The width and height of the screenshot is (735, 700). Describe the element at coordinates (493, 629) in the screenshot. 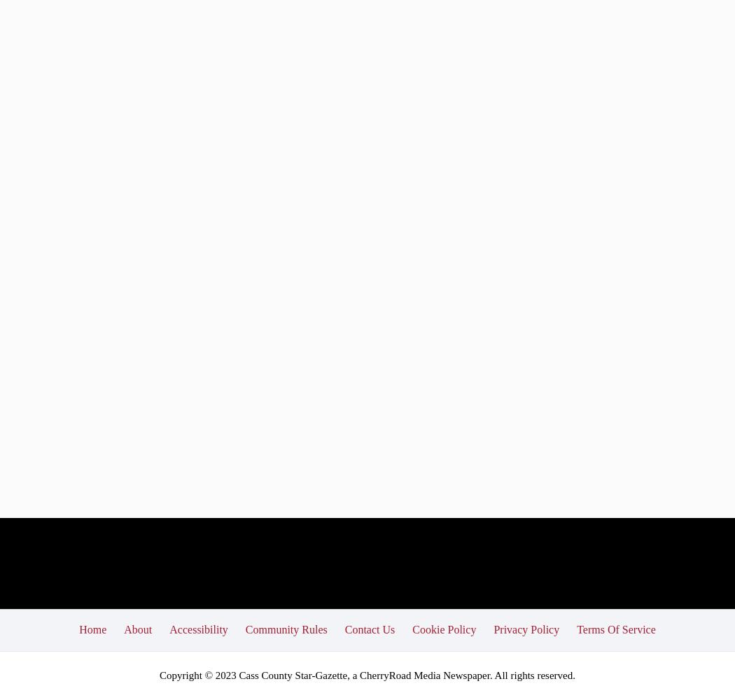

I see `'Privacy Policy'` at that location.